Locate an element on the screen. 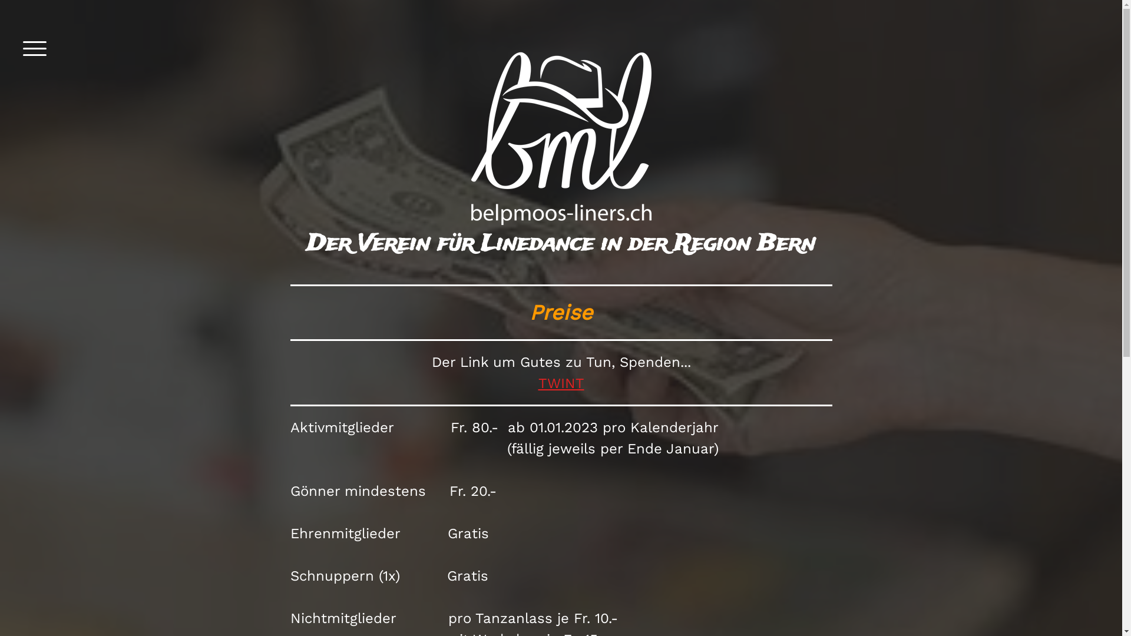 This screenshot has width=1131, height=636. 'TWINT' is located at coordinates (537, 383).